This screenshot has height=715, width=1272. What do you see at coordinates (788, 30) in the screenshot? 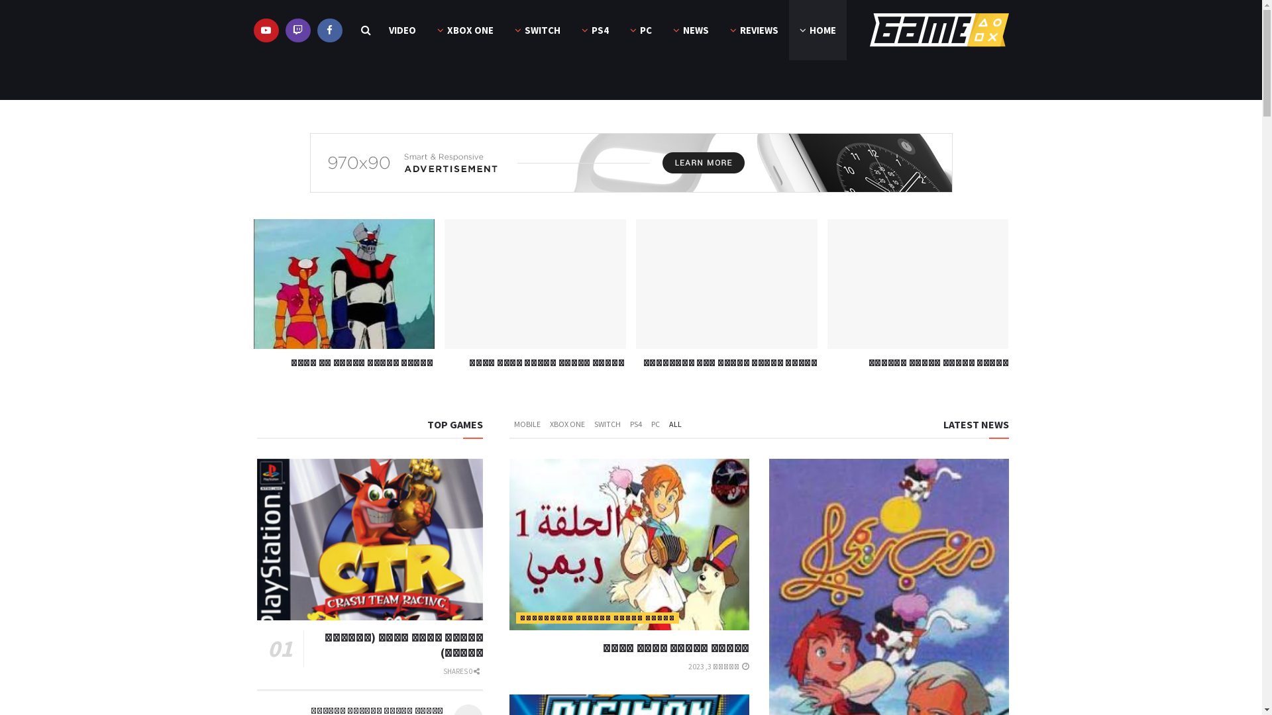
I see `'HOME'` at bounding box center [788, 30].